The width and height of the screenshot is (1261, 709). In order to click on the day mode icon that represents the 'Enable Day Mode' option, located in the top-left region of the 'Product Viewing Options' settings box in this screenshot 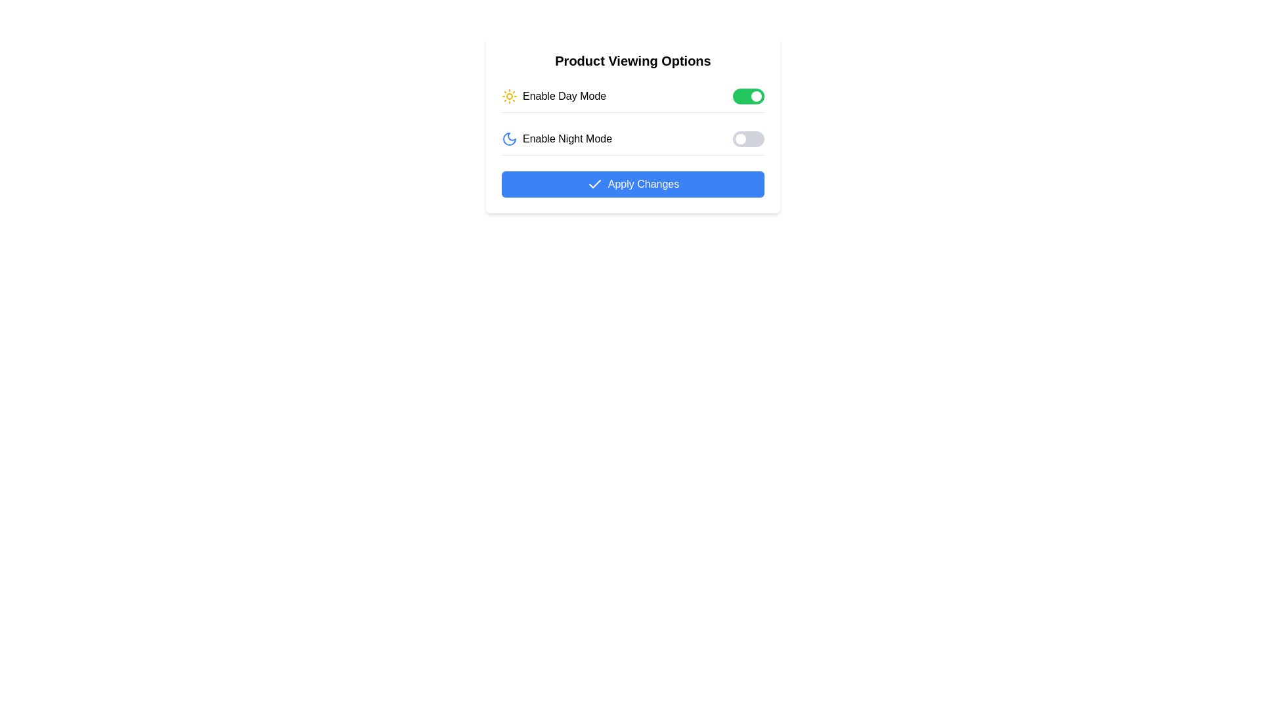, I will do `click(509, 95)`.